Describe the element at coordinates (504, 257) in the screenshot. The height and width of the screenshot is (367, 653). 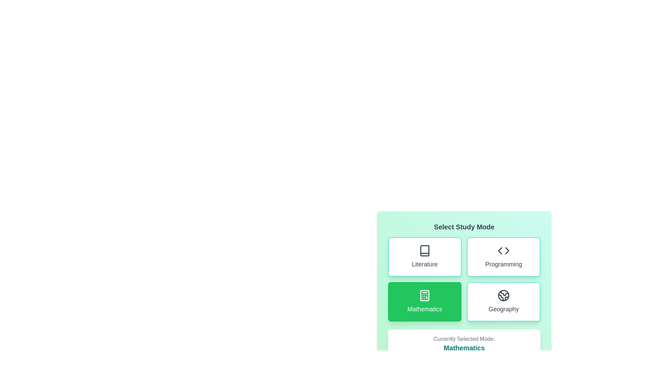
I see `the button for Programming to observe visual changes` at that location.